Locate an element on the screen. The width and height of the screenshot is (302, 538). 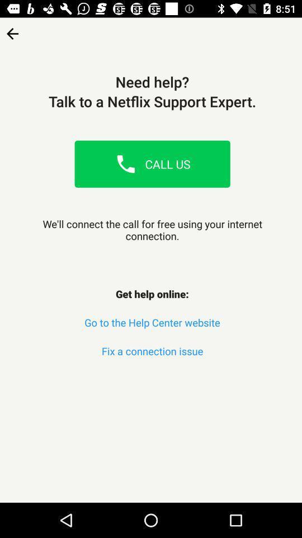
the icon below get help online: icon is located at coordinates (152, 322).